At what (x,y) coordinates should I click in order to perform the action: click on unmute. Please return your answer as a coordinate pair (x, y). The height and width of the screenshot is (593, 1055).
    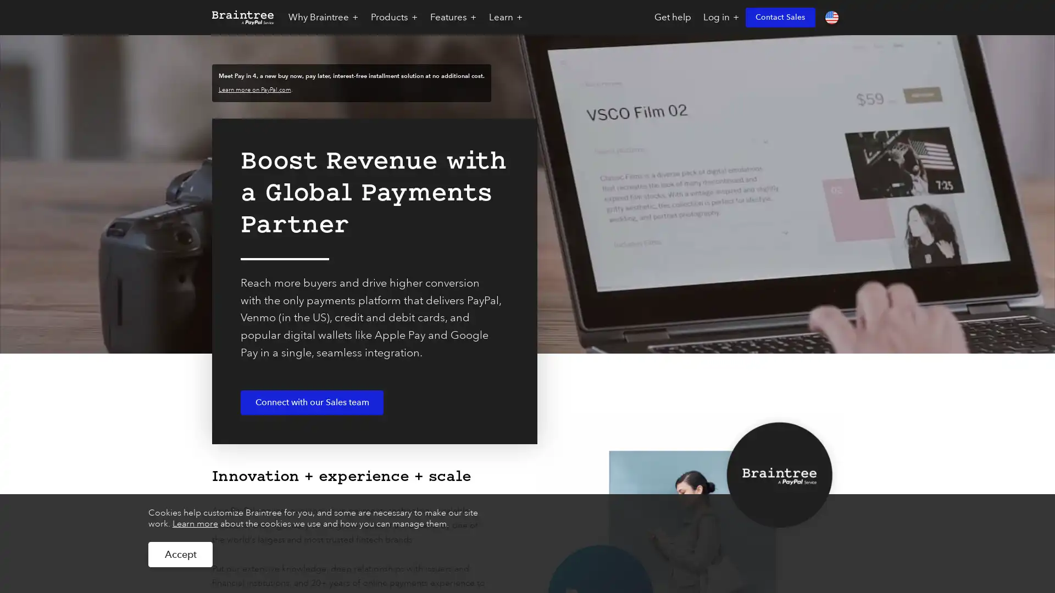
    Looking at the image, I should click on (957, 442).